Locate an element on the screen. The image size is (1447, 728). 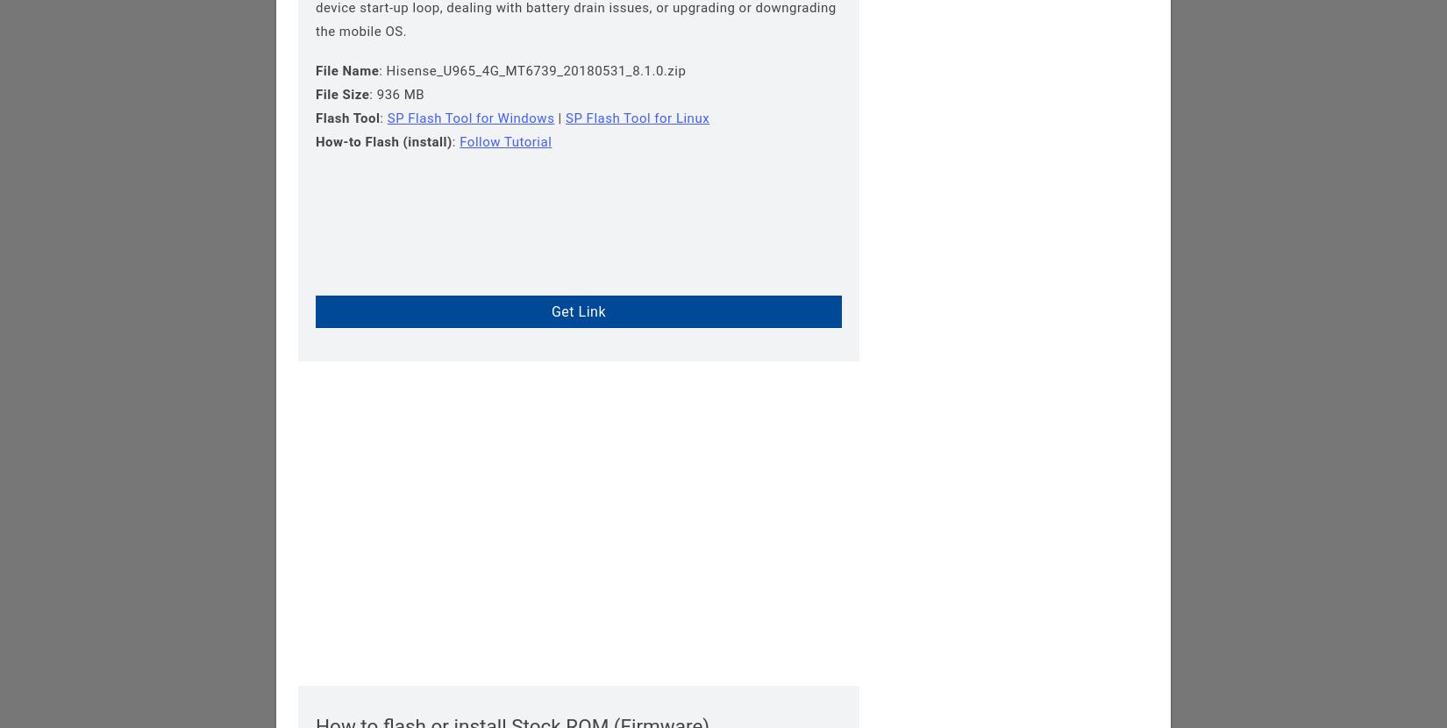
': Hisense_U965_4G_MT6739_20180531_8.1.0.zip' is located at coordinates (531, 70).